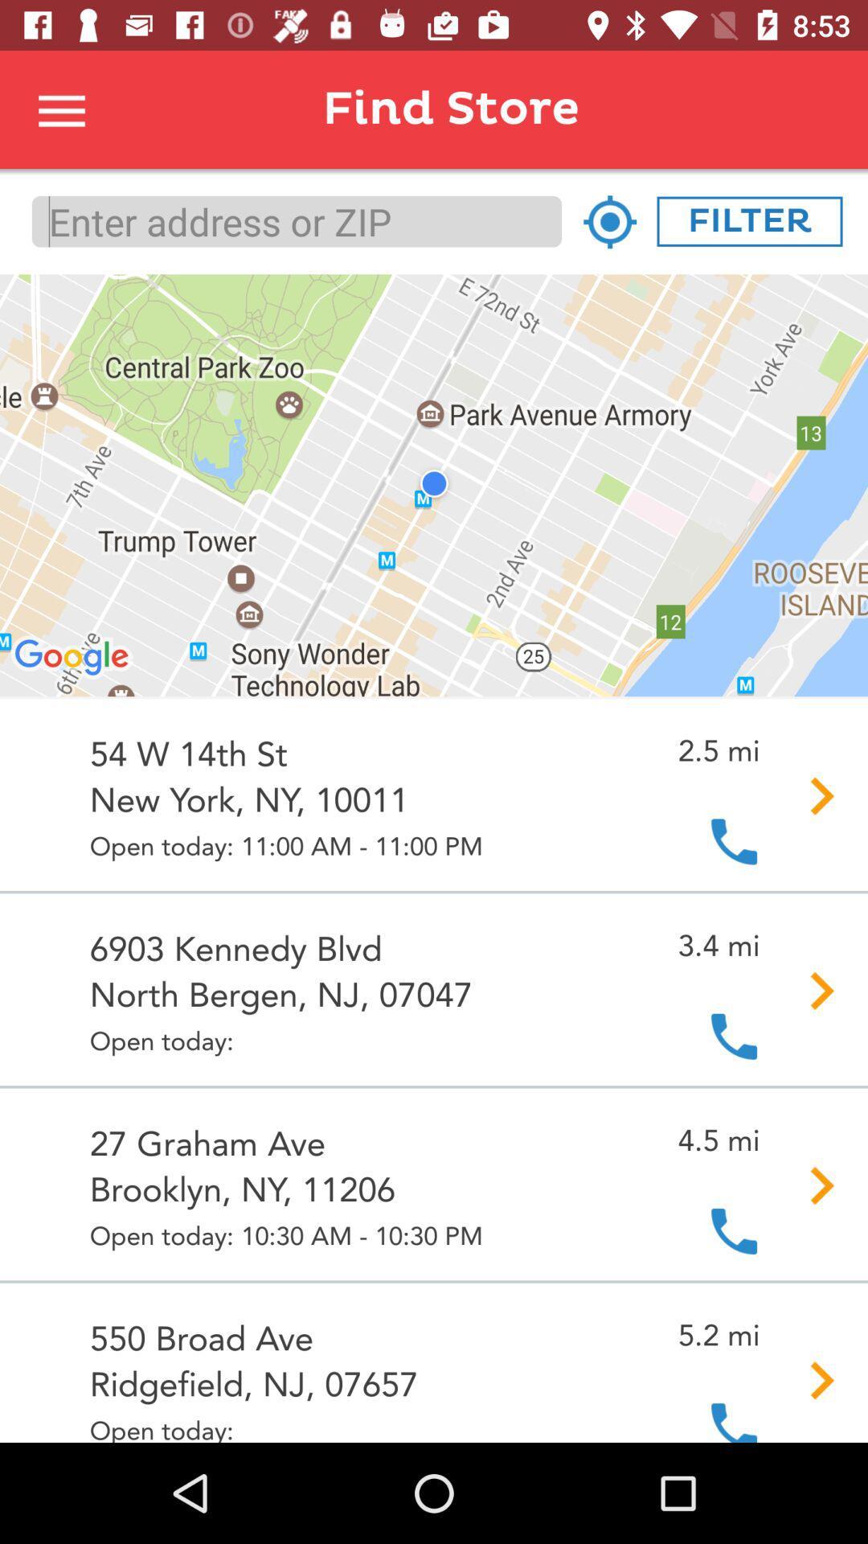  Describe the element at coordinates (734, 1230) in the screenshot. I see `third call symbol from top` at that location.